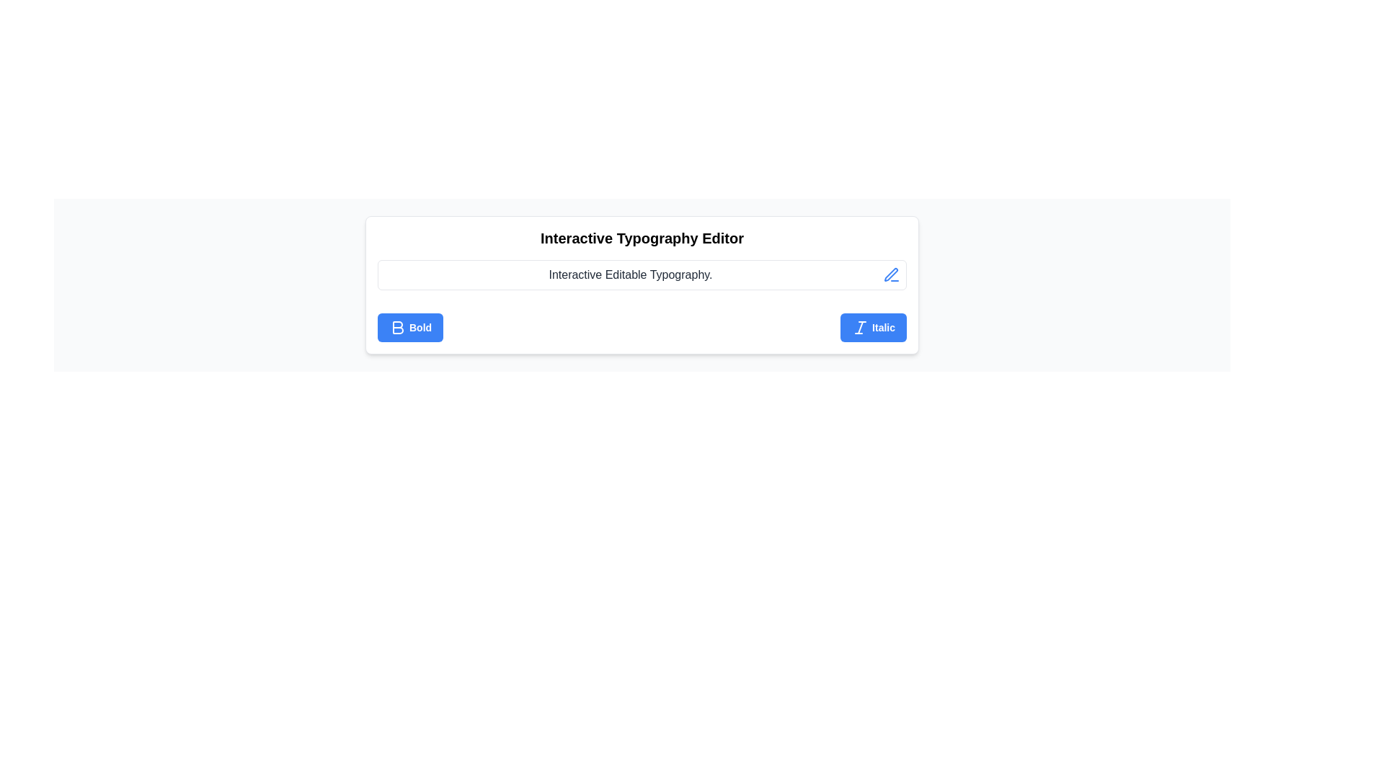 This screenshot has height=778, width=1384. I want to click on the bold formatting button located at the bottom left corner of the typography editor to apply bold styling to the selected text, so click(409, 328).